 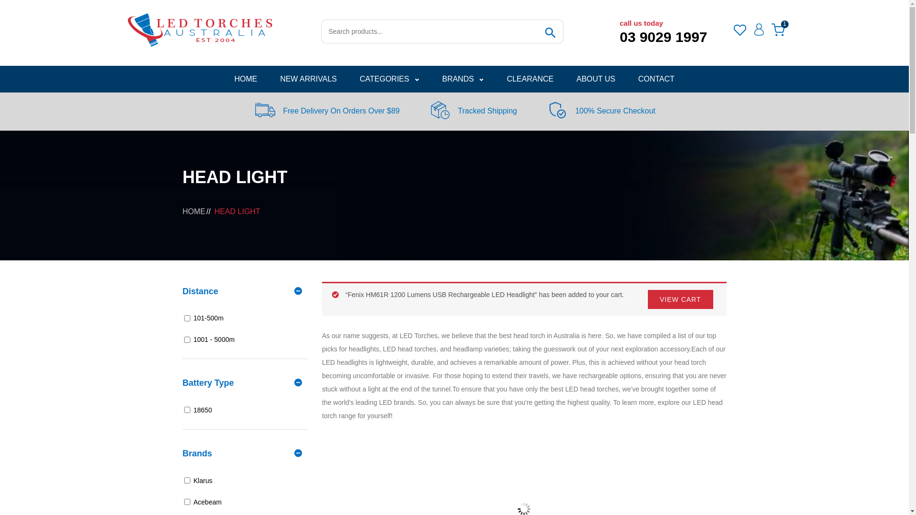 I want to click on 'BRANDS', so click(x=430, y=78).